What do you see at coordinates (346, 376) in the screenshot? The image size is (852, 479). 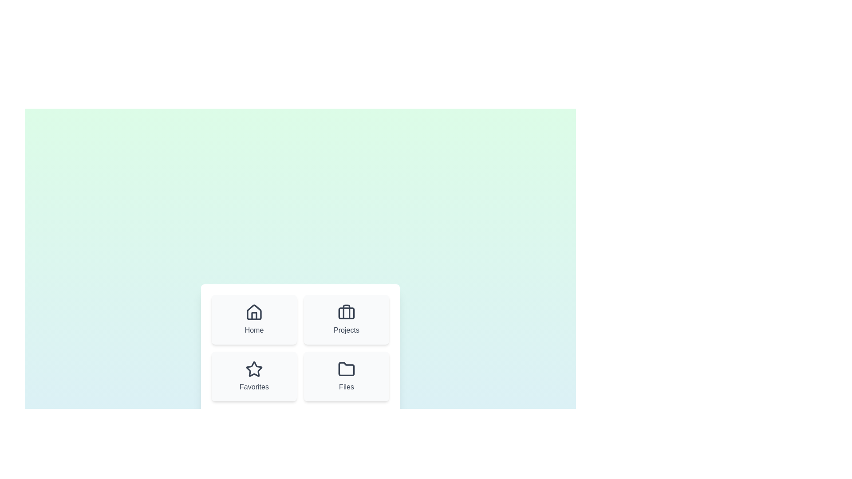 I see `the menu item labeled Files to activate it` at bounding box center [346, 376].